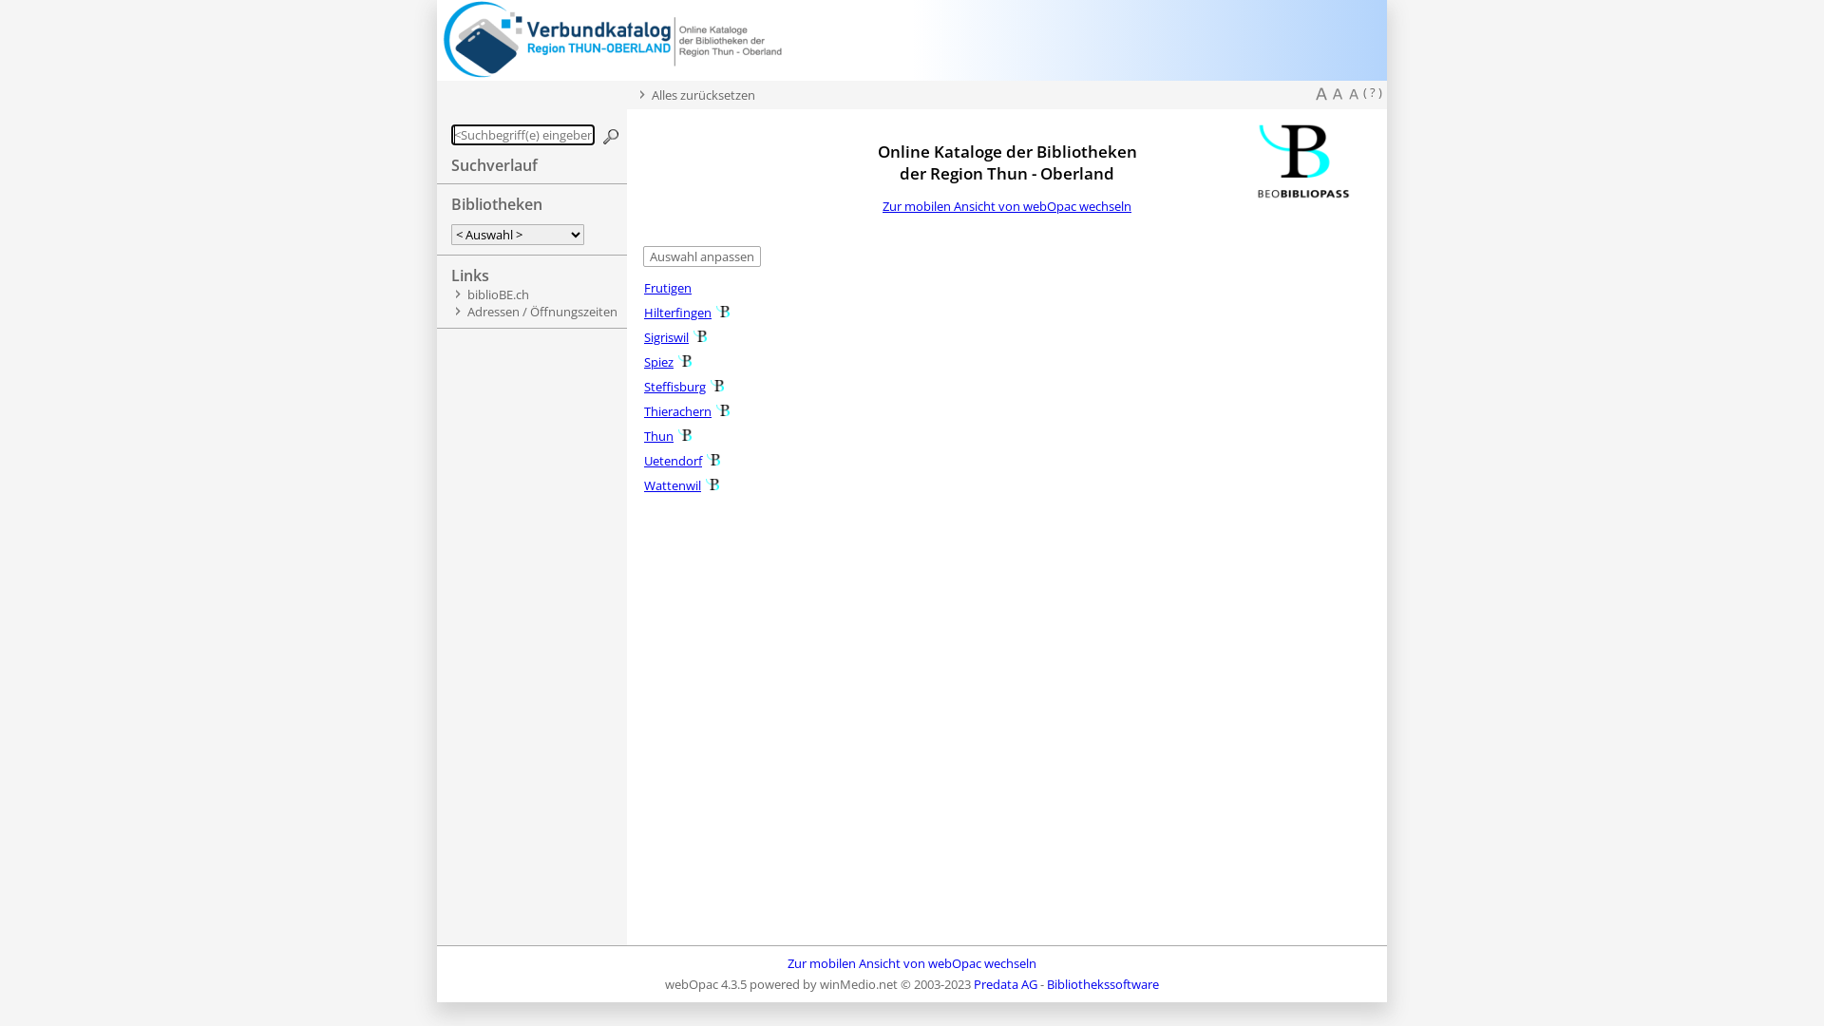 This screenshot has width=1824, height=1026. Describe the element at coordinates (1004, 983) in the screenshot. I see `'Predata AG'` at that location.